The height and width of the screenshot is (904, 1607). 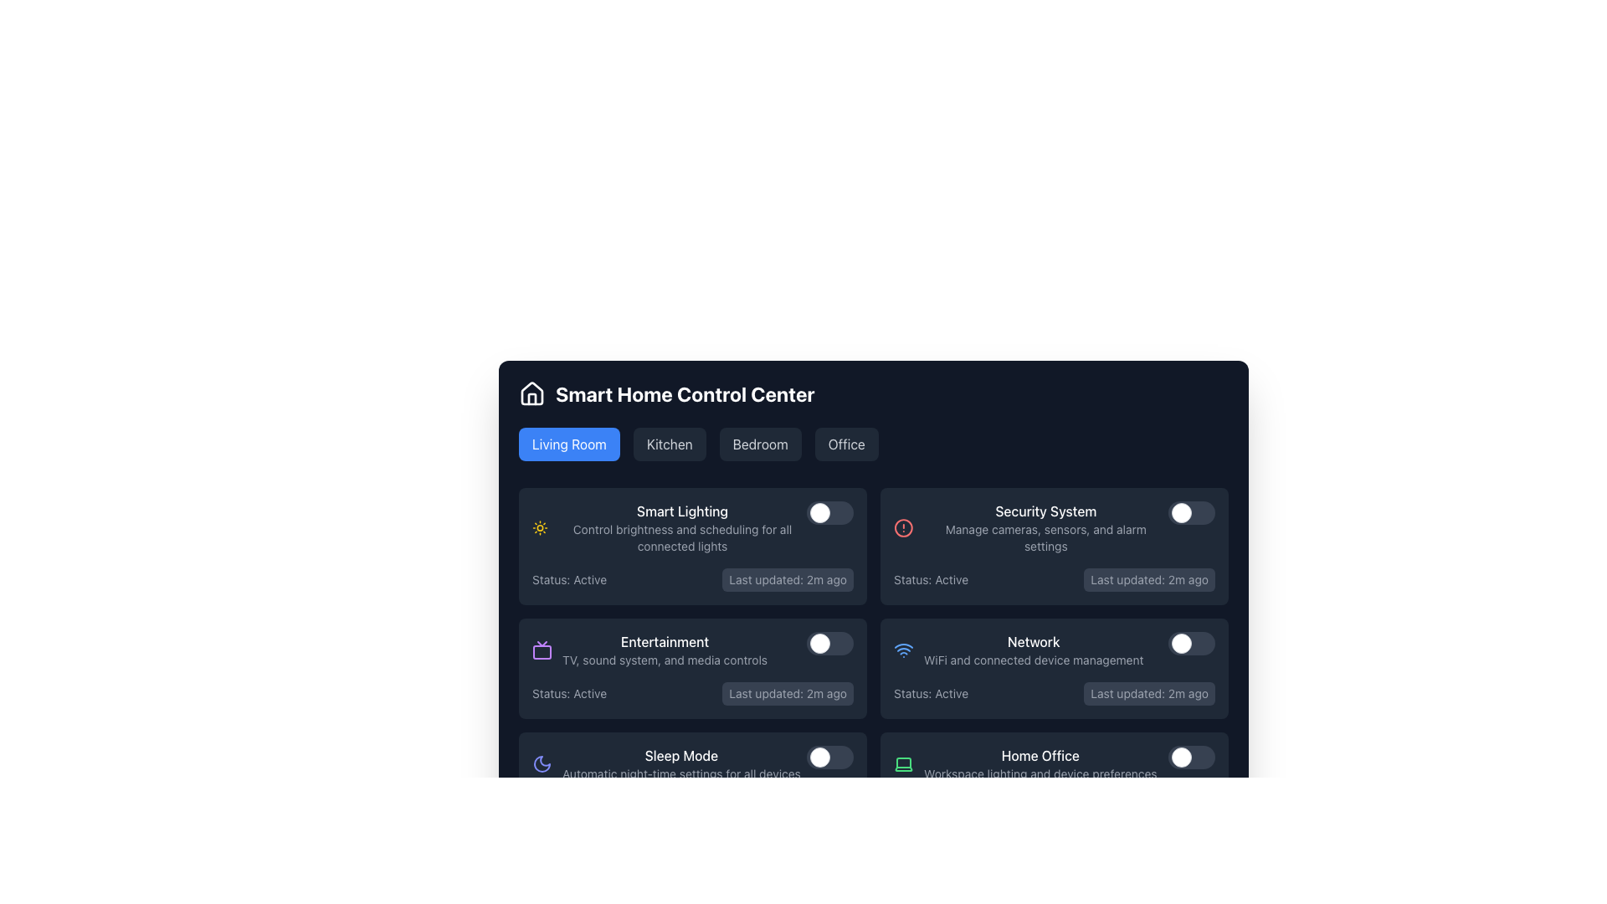 I want to click on the Text and Icon Group that describes the Sleep Mode functionality, located in the lower-left region of the interface within the Living Room section, to the left of the toggle switch, so click(x=665, y=764).